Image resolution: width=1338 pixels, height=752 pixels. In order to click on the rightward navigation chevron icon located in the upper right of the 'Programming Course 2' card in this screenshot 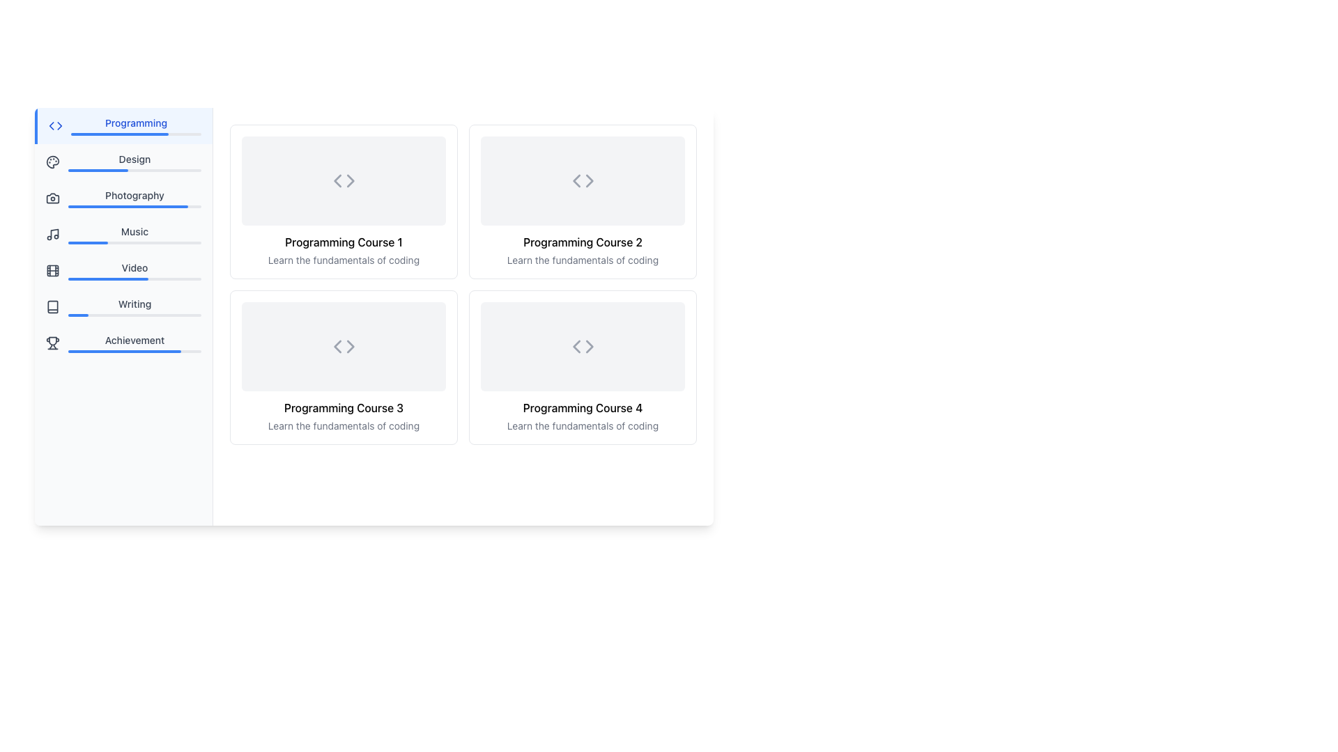, I will do `click(589, 180)`.